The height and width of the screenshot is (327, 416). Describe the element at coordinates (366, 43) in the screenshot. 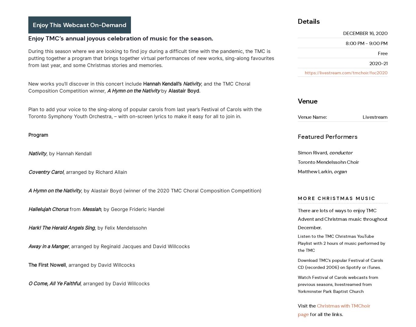

I see `'8:00 pm - 9:00 pm'` at that location.